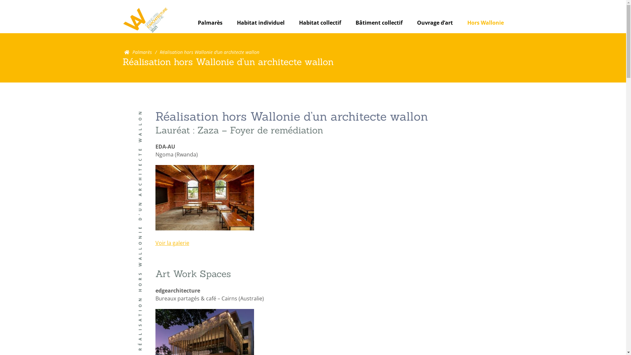 This screenshot has width=631, height=355. Describe the element at coordinates (172, 243) in the screenshot. I see `'Voir la galerie'` at that location.